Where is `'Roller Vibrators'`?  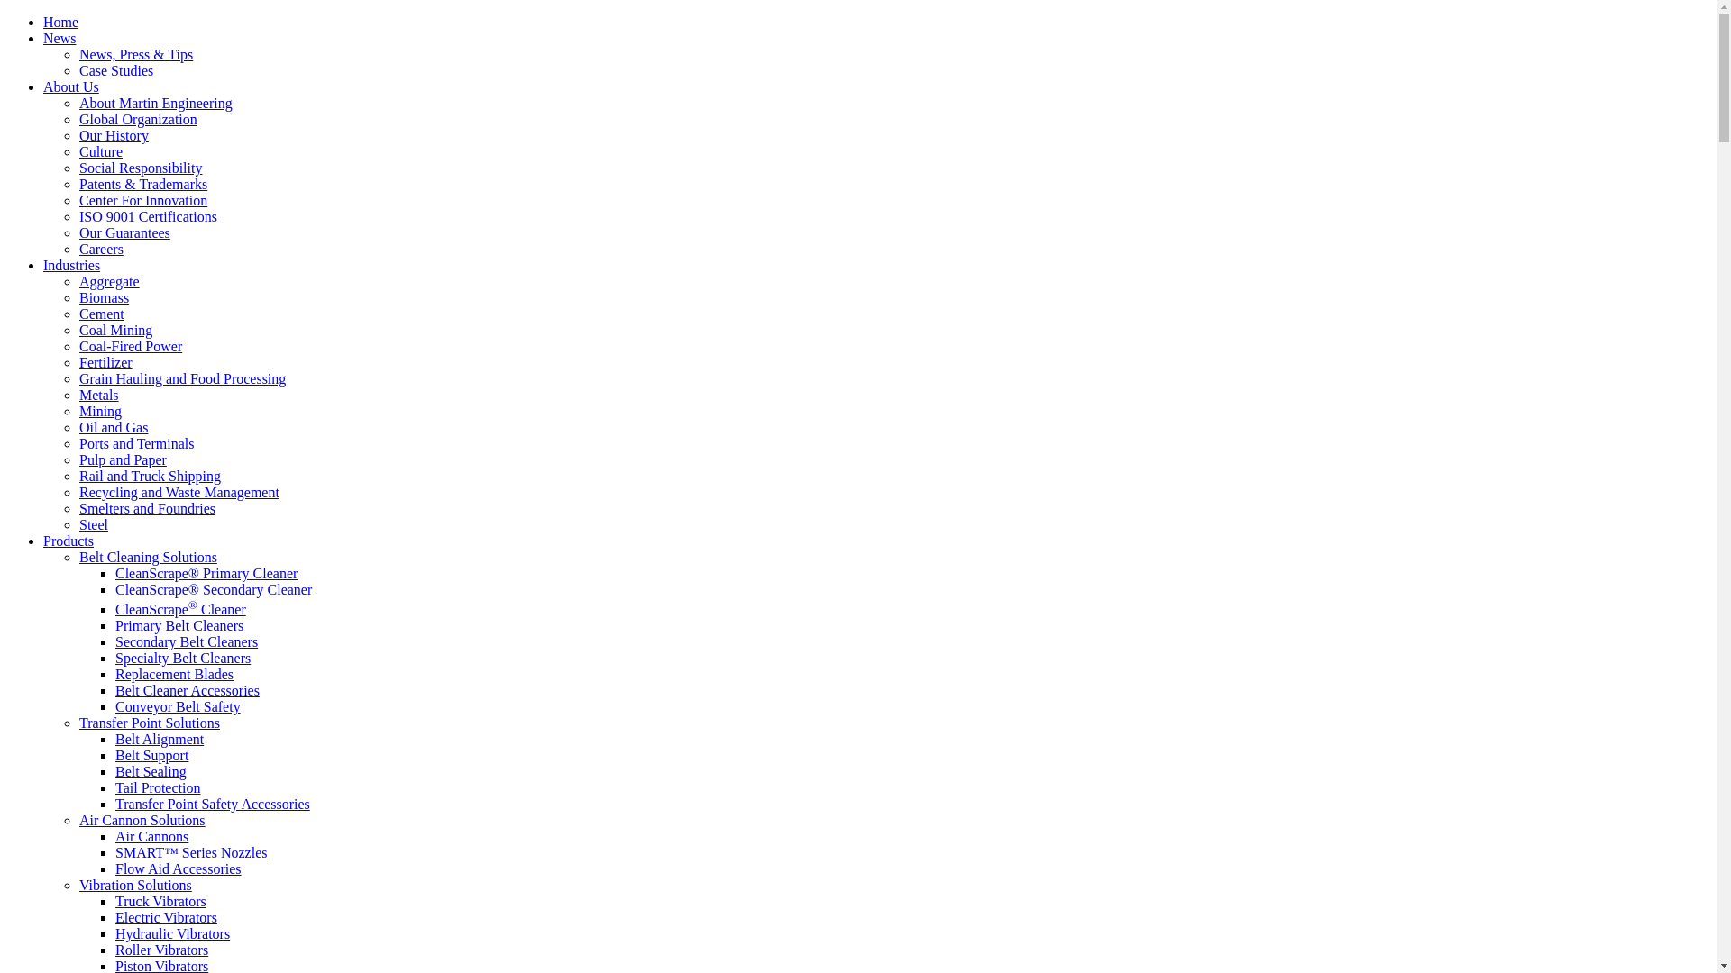
'Roller Vibrators' is located at coordinates (161, 949).